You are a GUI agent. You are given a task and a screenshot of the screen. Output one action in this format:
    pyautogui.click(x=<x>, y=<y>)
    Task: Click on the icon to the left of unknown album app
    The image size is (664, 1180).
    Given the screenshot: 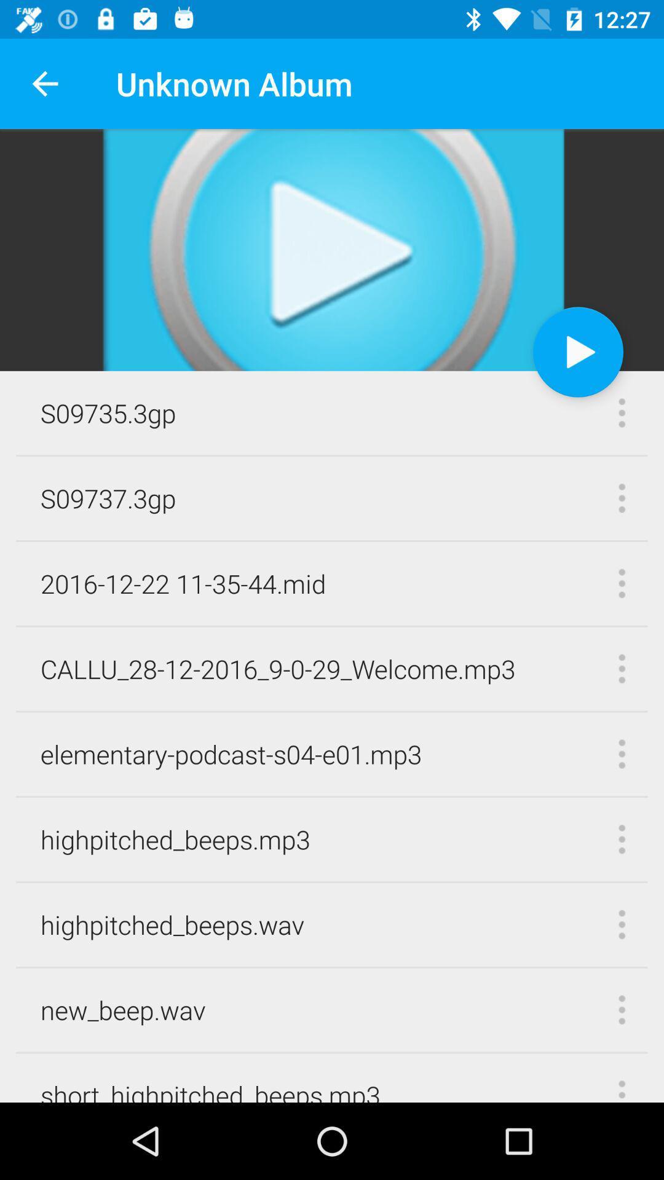 What is the action you would take?
    pyautogui.click(x=44, y=83)
    